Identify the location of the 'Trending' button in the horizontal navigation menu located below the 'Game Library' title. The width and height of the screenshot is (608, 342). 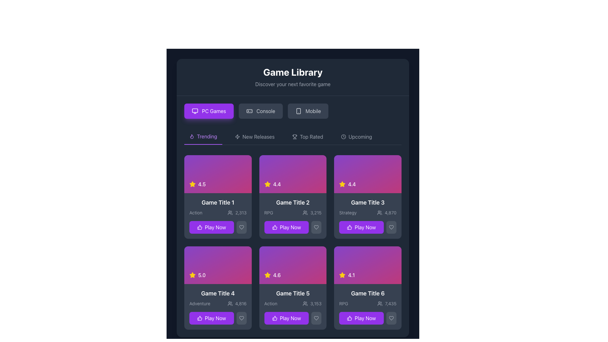
(203, 136).